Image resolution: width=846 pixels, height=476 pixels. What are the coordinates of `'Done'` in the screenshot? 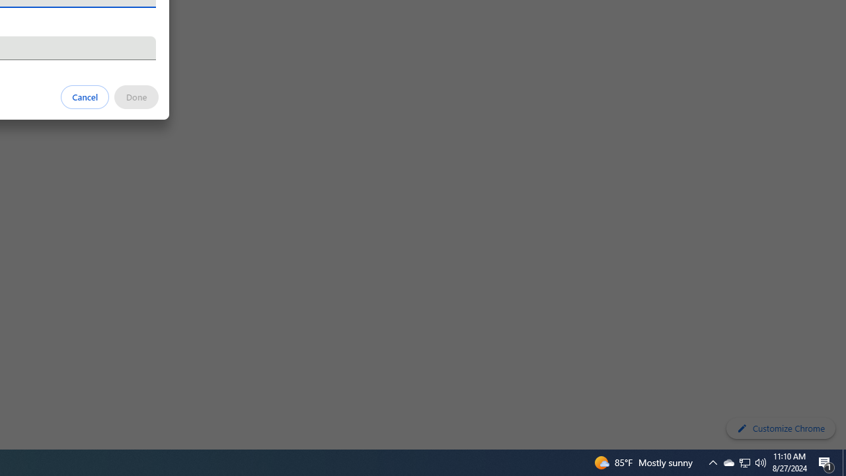 It's located at (136, 96).